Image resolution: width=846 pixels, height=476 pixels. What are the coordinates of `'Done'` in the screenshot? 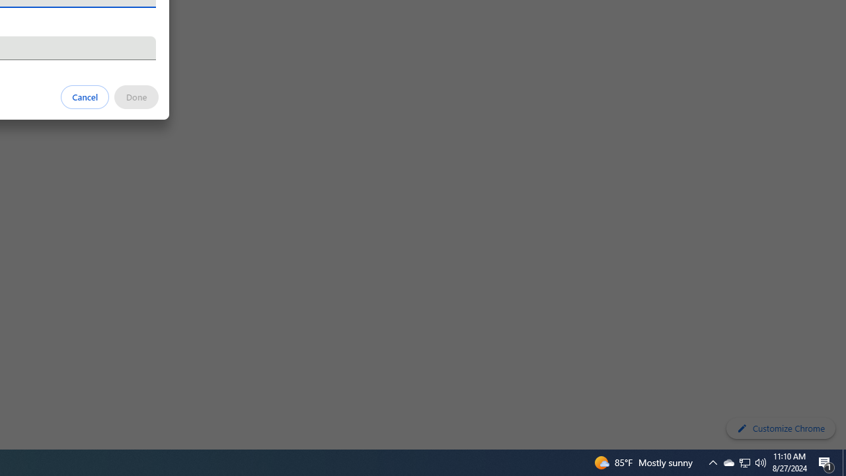 It's located at (136, 96).